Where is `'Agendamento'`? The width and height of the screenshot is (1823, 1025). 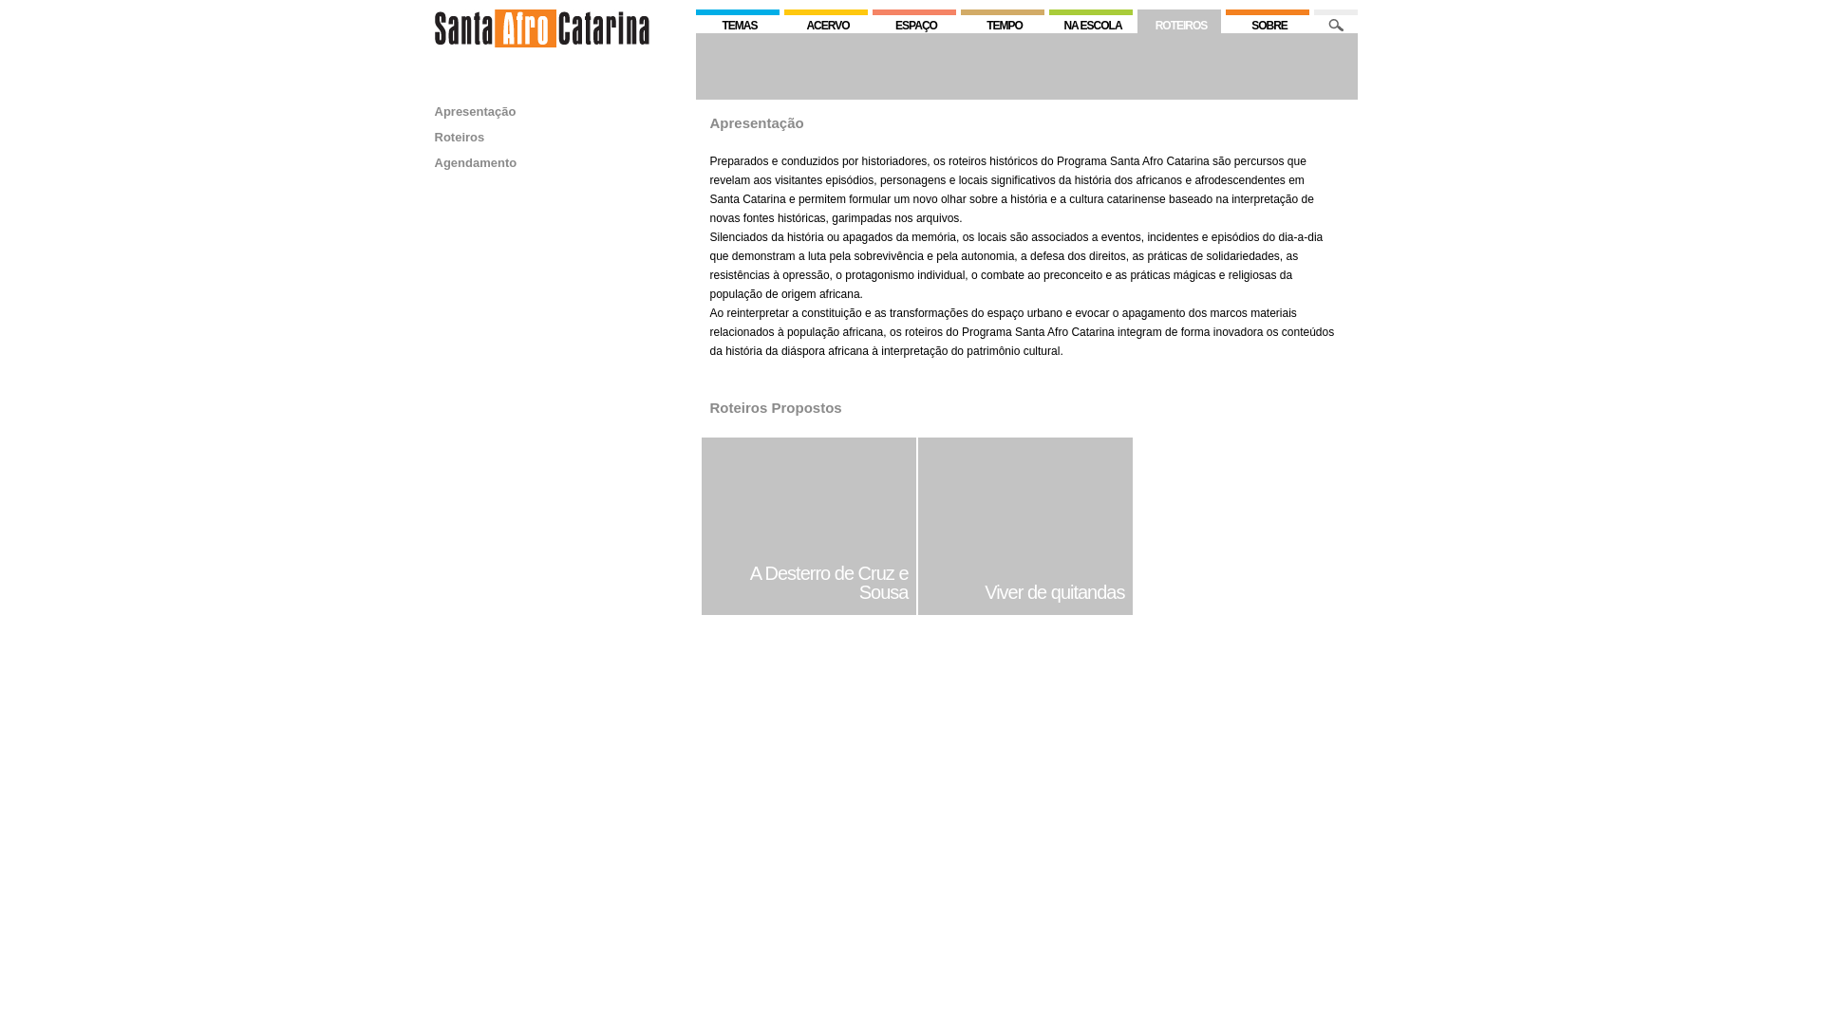 'Agendamento' is located at coordinates (476, 161).